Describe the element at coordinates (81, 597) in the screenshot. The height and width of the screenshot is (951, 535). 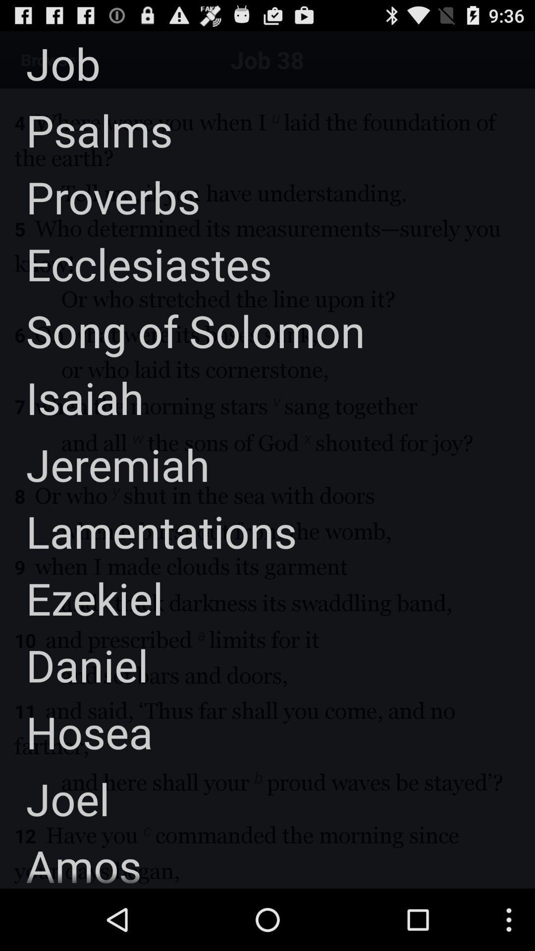
I see `the icon above daniel app` at that location.